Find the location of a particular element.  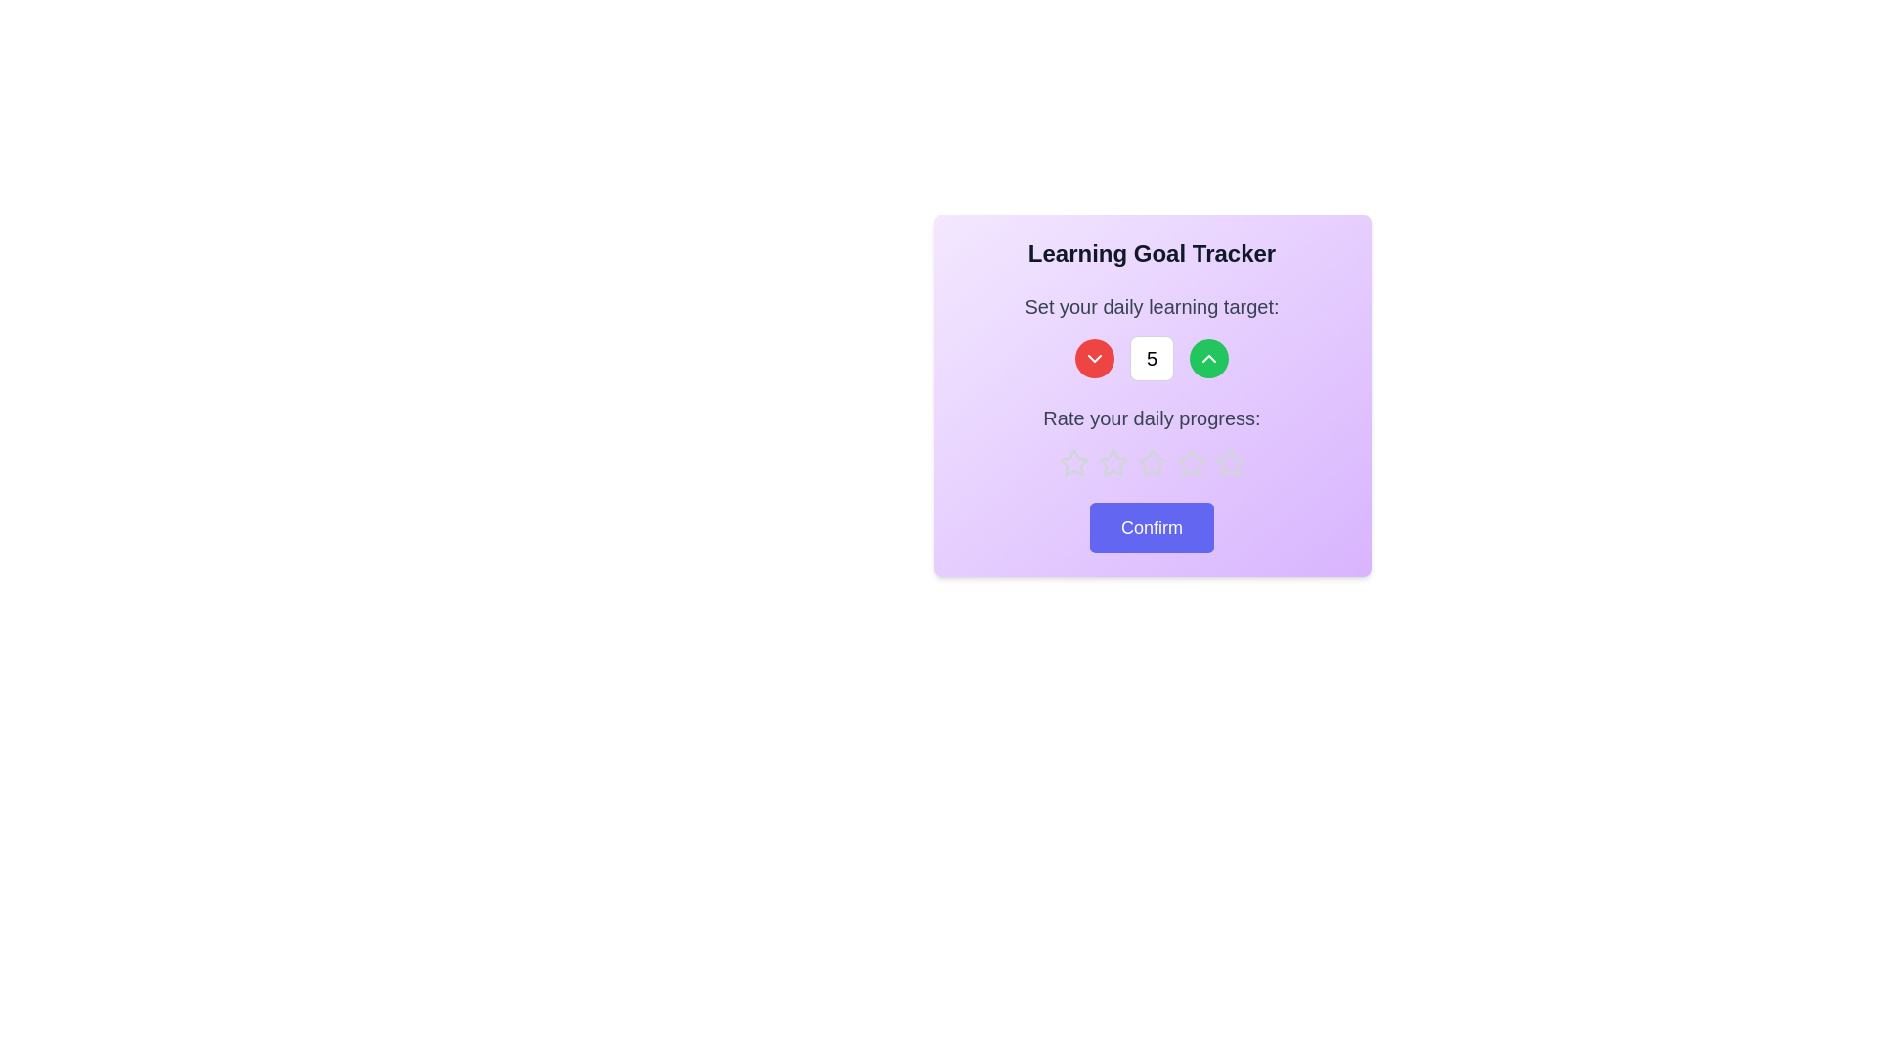

the submission button located at the bottom-center of the 'Learning Goal Tracker' card is located at coordinates (1152, 528).